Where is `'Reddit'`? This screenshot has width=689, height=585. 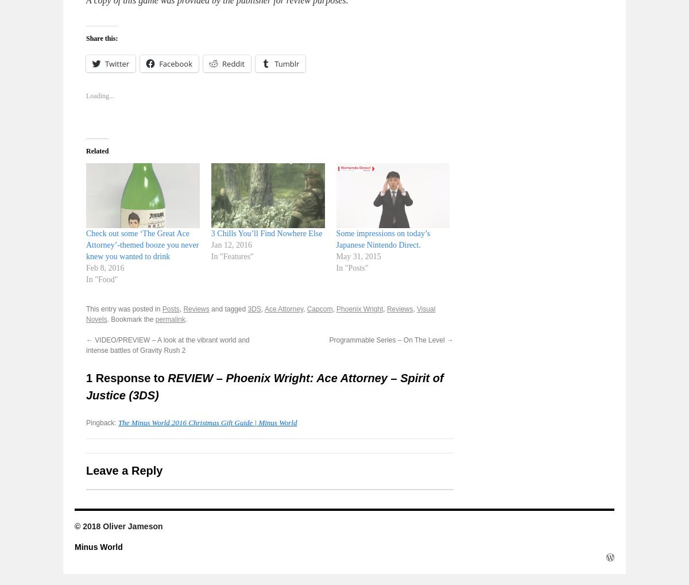 'Reddit' is located at coordinates (233, 63).